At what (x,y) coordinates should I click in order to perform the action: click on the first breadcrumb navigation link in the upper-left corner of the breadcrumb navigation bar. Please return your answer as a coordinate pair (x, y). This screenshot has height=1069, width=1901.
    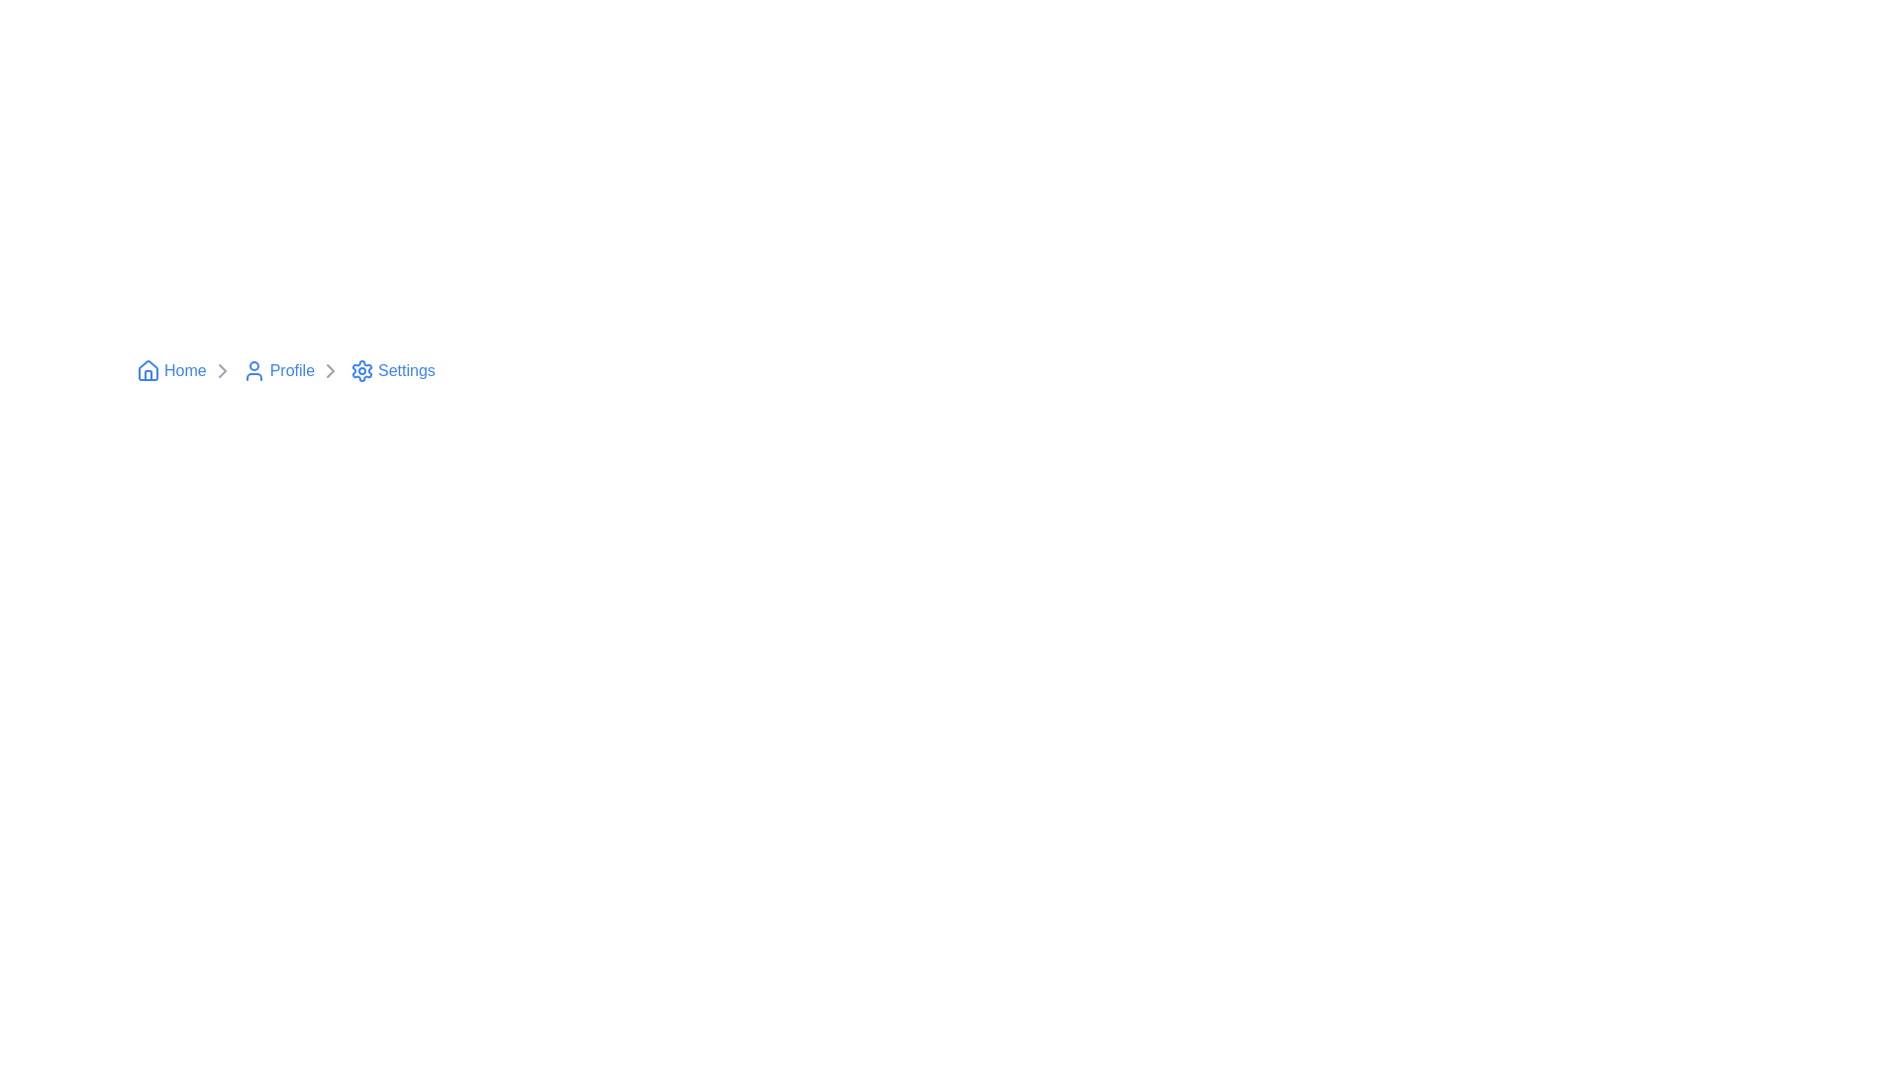
    Looking at the image, I should click on (185, 370).